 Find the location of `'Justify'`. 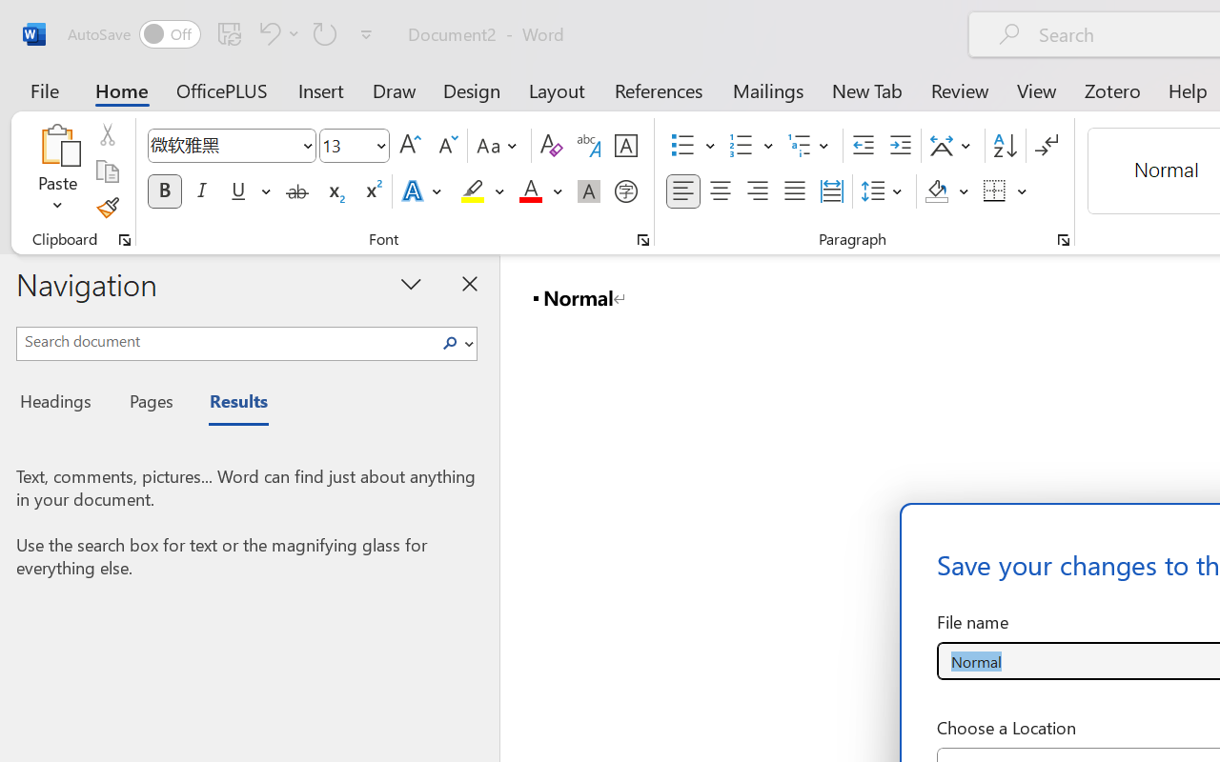

'Justify' is located at coordinates (795, 191).